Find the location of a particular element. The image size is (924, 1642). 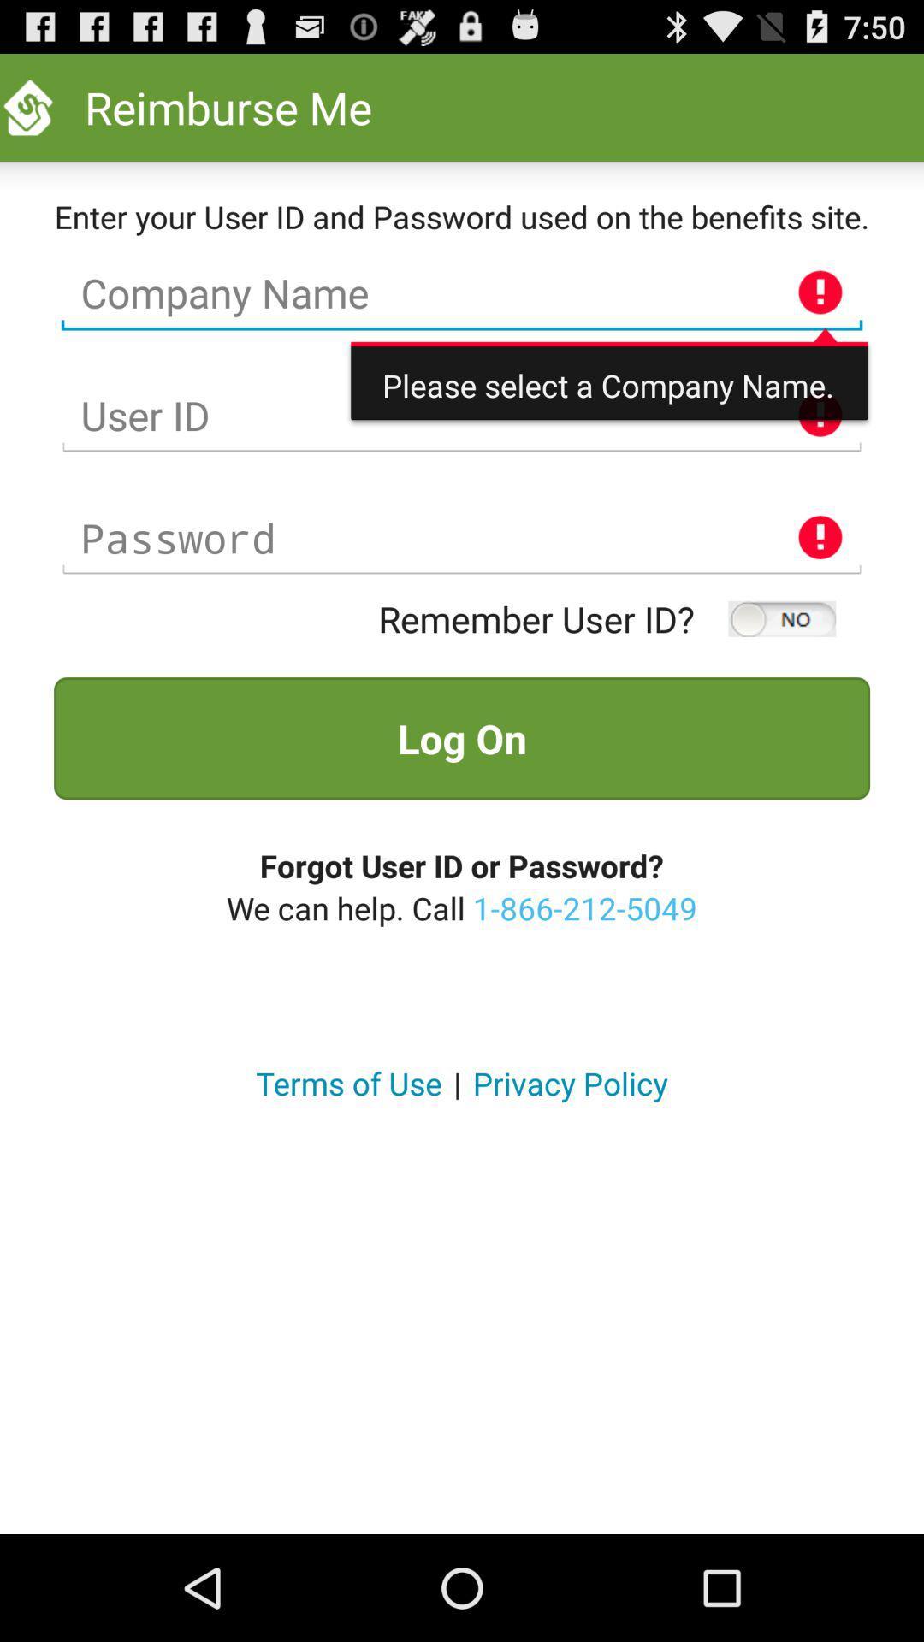

type the password is located at coordinates (462, 537).